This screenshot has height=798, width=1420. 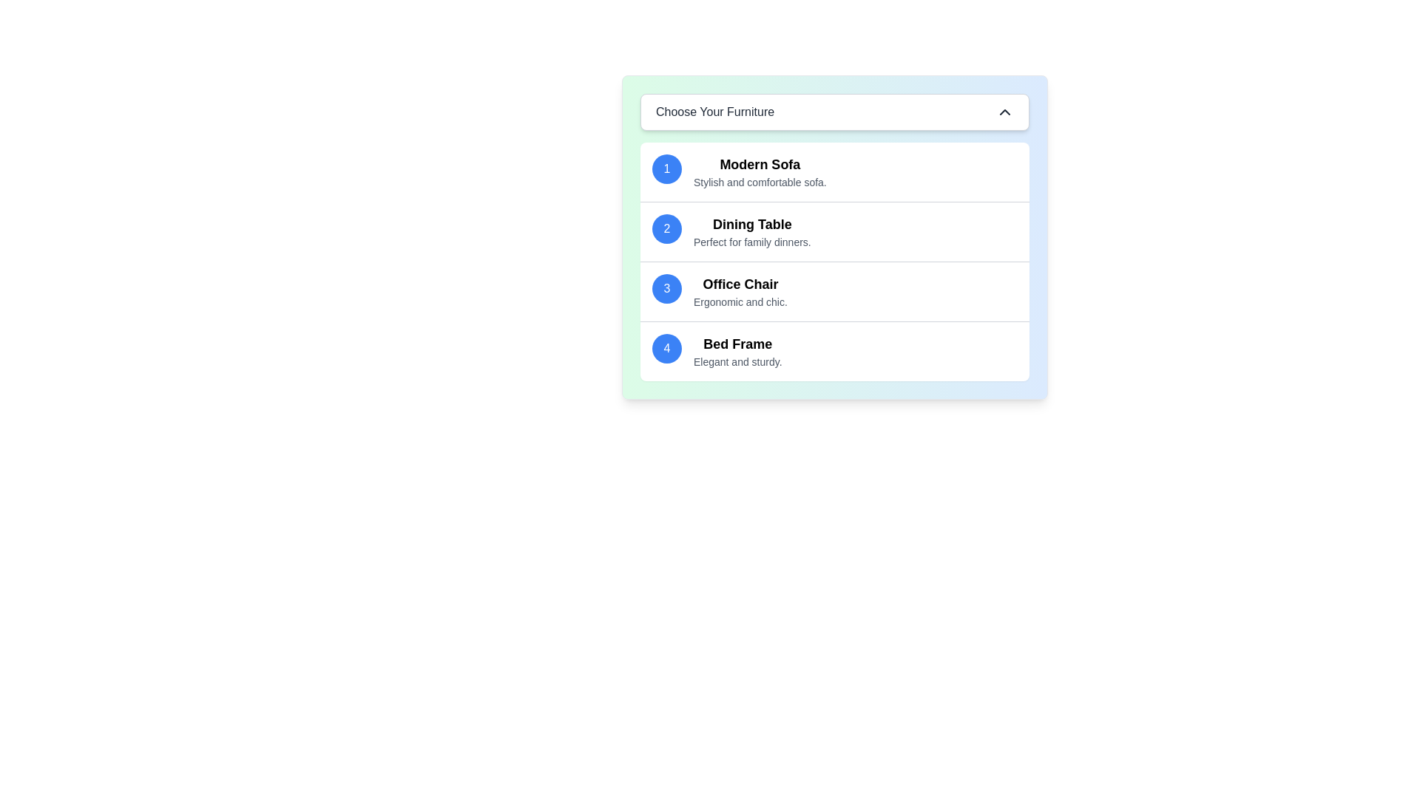 I want to click on the Text Label providing information about the 'Office Chair', located below the heading in the third list item of the furniture options, so click(x=740, y=301).